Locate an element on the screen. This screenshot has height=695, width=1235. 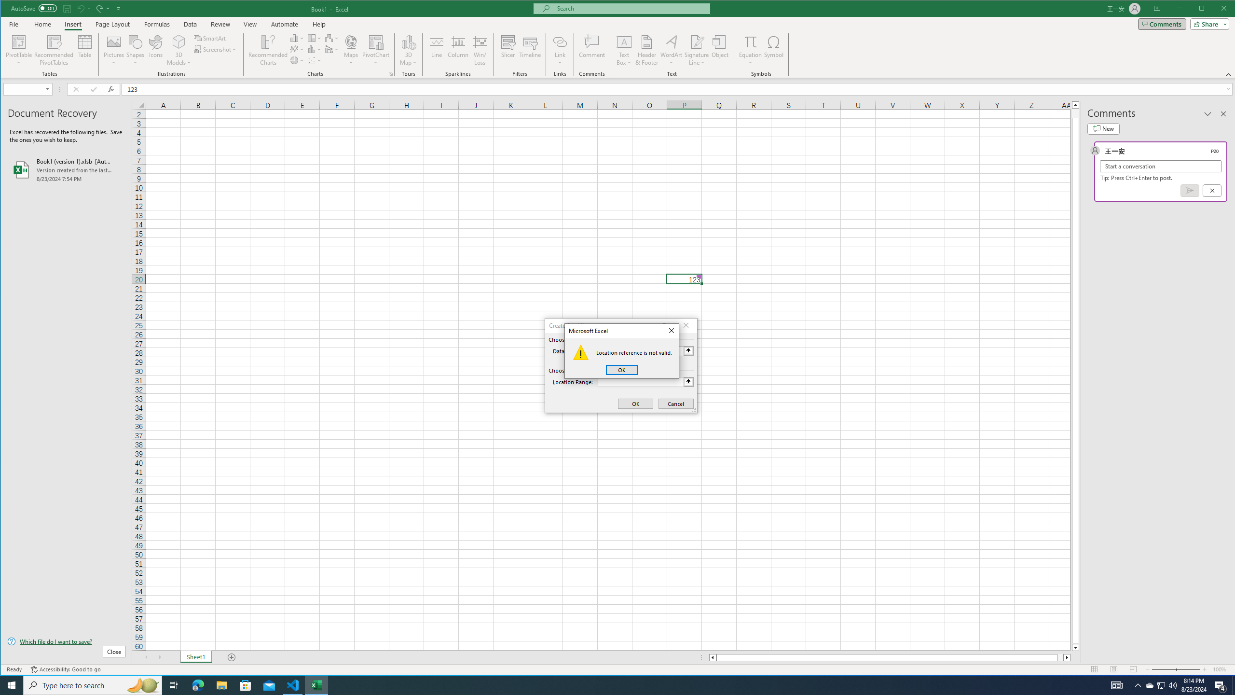
'Excel - 1 running window' is located at coordinates (316, 684).